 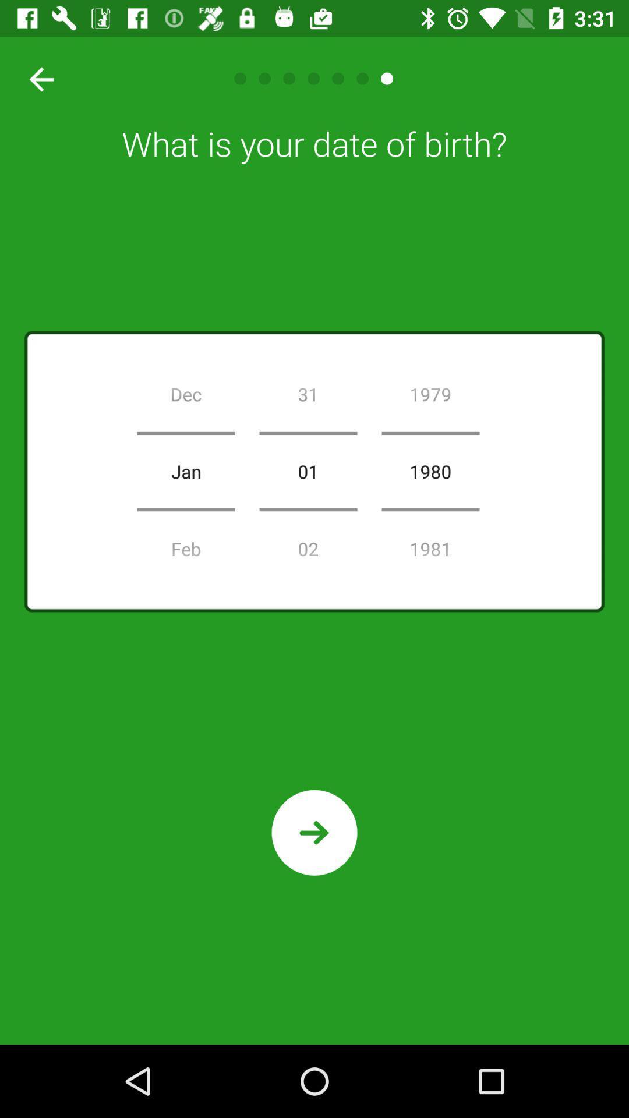 What do you see at coordinates (314, 832) in the screenshot?
I see `next` at bounding box center [314, 832].